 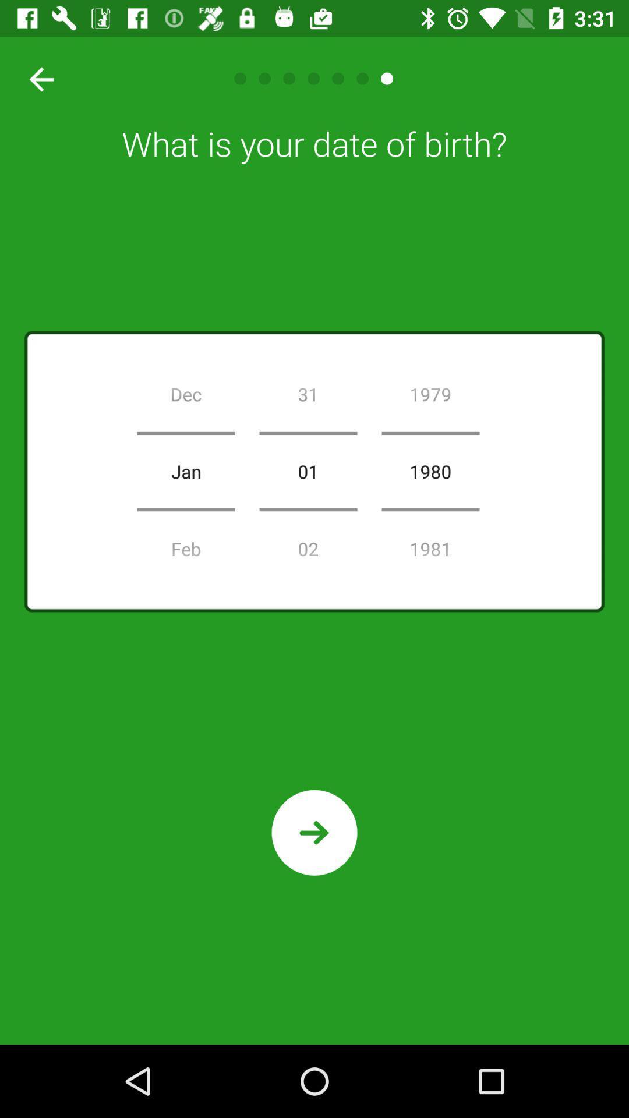 What do you see at coordinates (314, 832) in the screenshot?
I see `next` at bounding box center [314, 832].